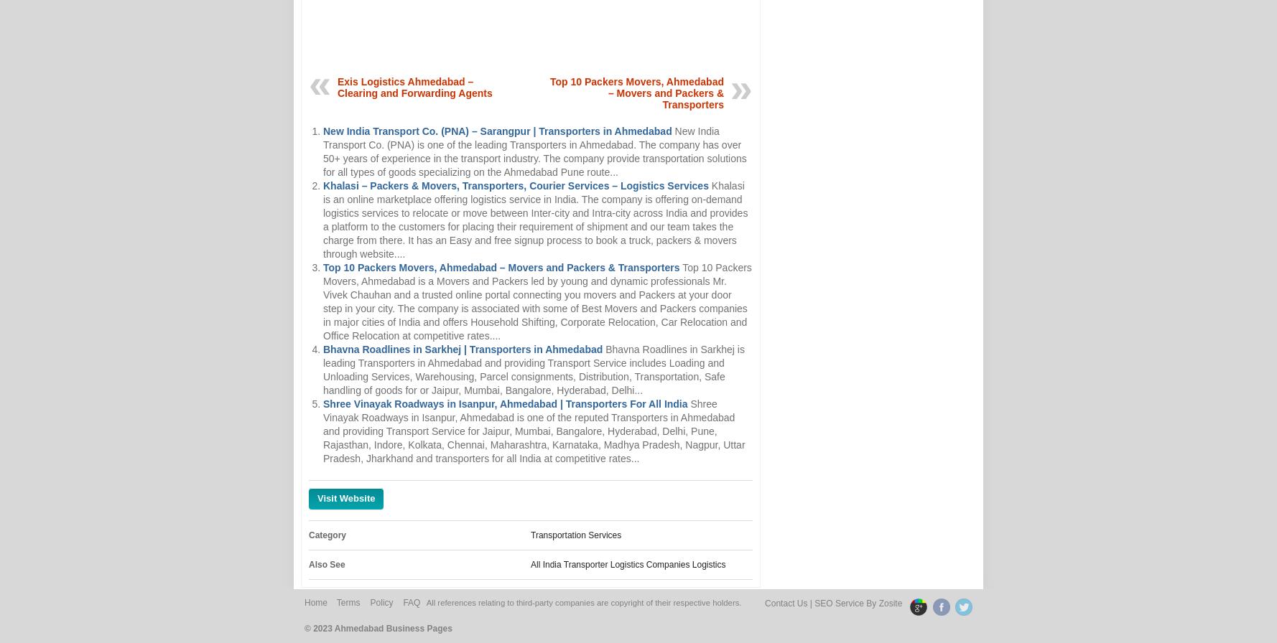  I want to click on 'Transport Companies', so click(572, 607).